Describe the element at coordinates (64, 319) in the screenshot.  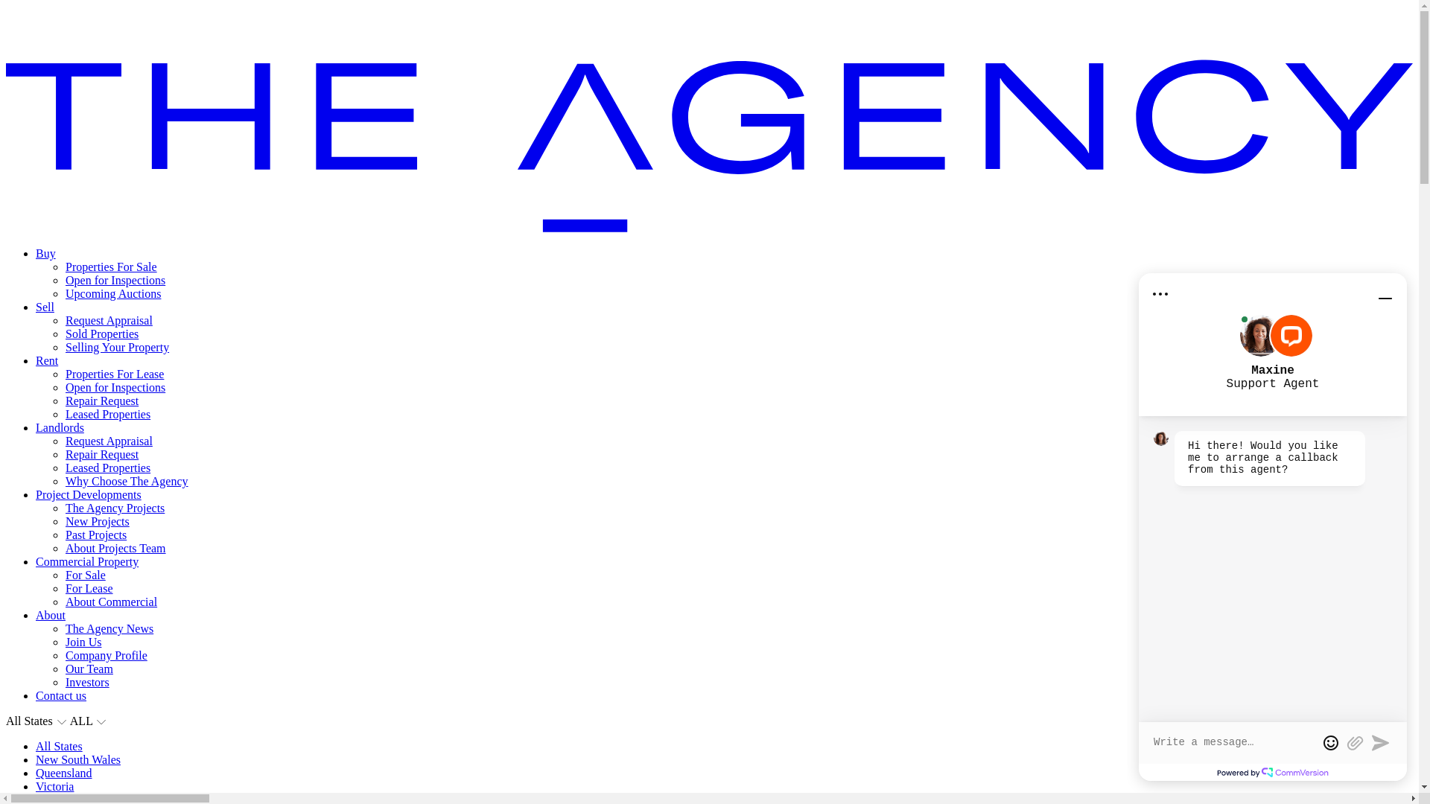
I see `'Request Appraisal'` at that location.